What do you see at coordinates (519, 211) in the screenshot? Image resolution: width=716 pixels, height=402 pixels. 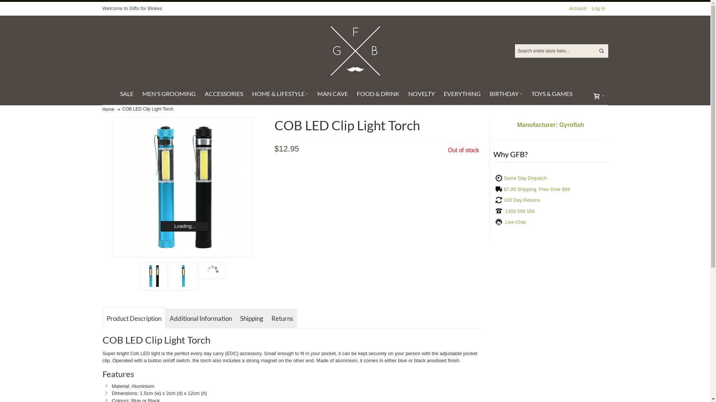 I see `' 1300 599 554 '` at bounding box center [519, 211].